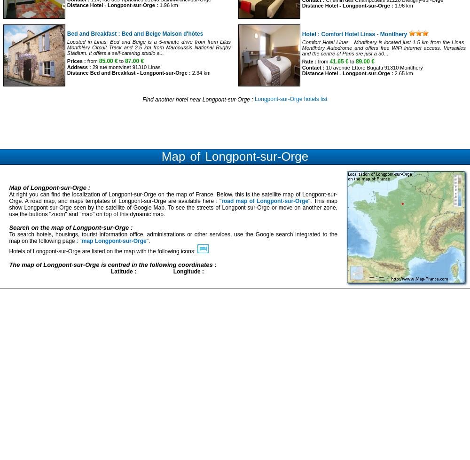 The width and height of the screenshot is (470, 460). I want to click on 'At right you can find the localization of Longpont-sur-Orge on the map of France. Below, this is the satellite map of Longpont-sur-Orge. A road map, and maps templates of Longpont-sur-Orge are available here : "', so click(172, 197).